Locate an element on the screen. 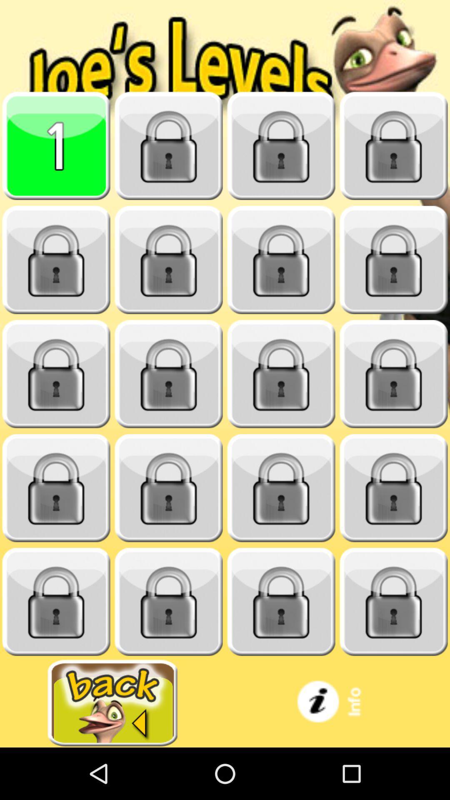  chosen level is located at coordinates (56, 146).